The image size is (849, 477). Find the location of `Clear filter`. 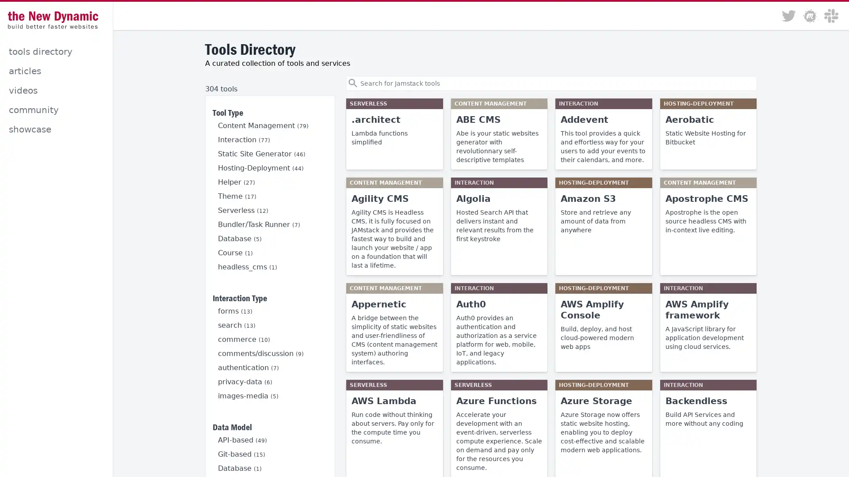

Clear filter is located at coordinates (262, 89).